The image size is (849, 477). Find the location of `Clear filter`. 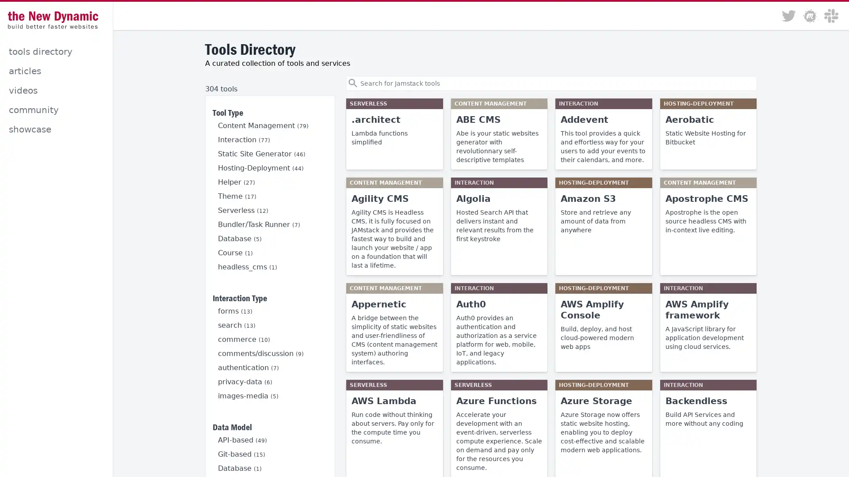

Clear filter is located at coordinates (262, 89).